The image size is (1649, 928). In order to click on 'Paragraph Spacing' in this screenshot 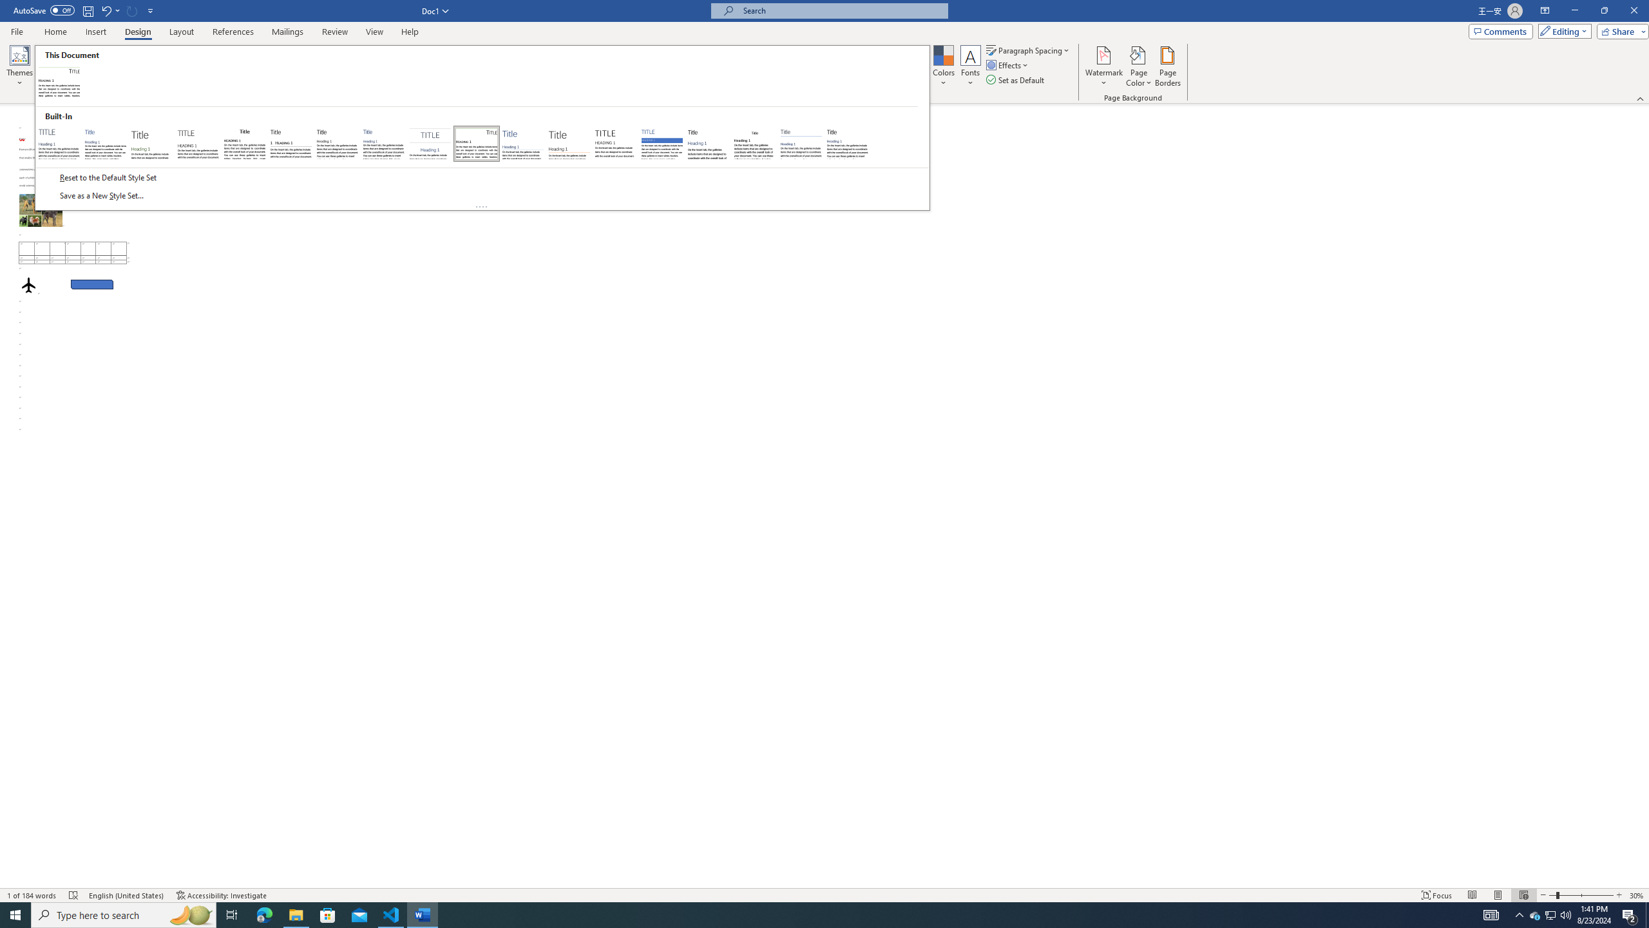, I will do `click(1029, 50)`.